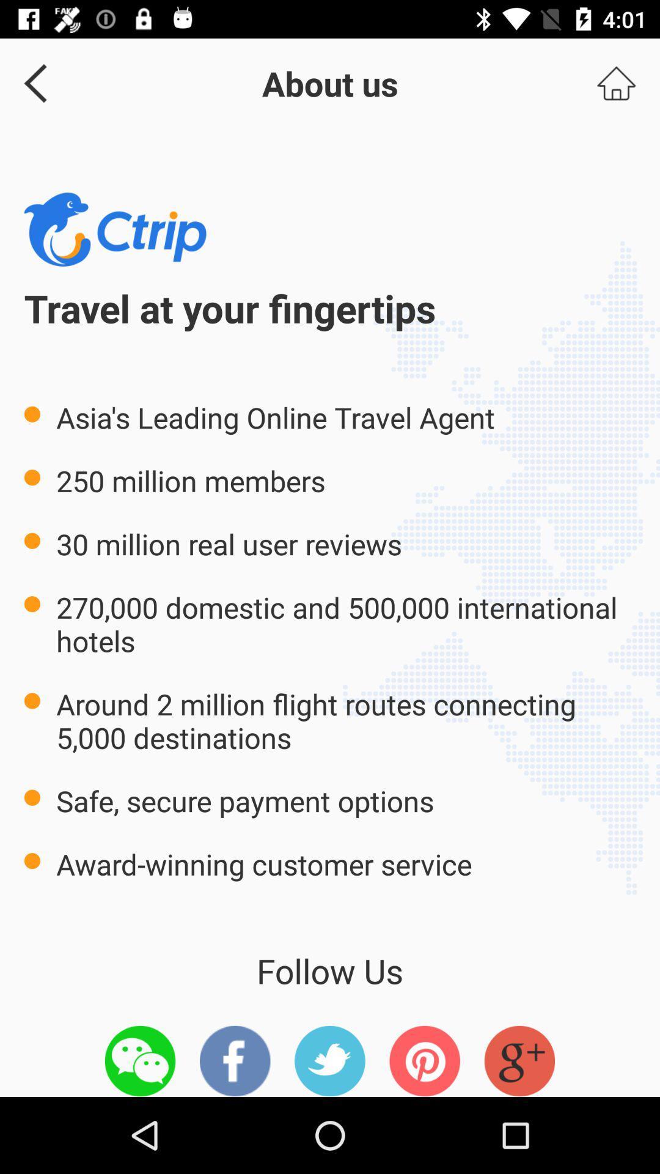 The width and height of the screenshot is (660, 1174). Describe the element at coordinates (235, 1060) in the screenshot. I see `facebook` at that location.